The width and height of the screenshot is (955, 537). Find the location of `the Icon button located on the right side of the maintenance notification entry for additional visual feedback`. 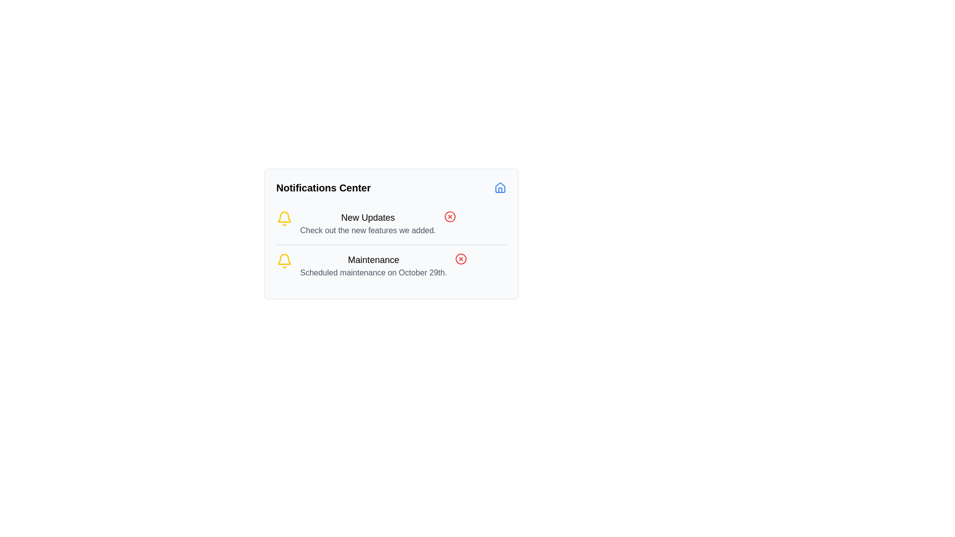

the Icon button located on the right side of the maintenance notification entry for additional visual feedback is located at coordinates (460, 258).